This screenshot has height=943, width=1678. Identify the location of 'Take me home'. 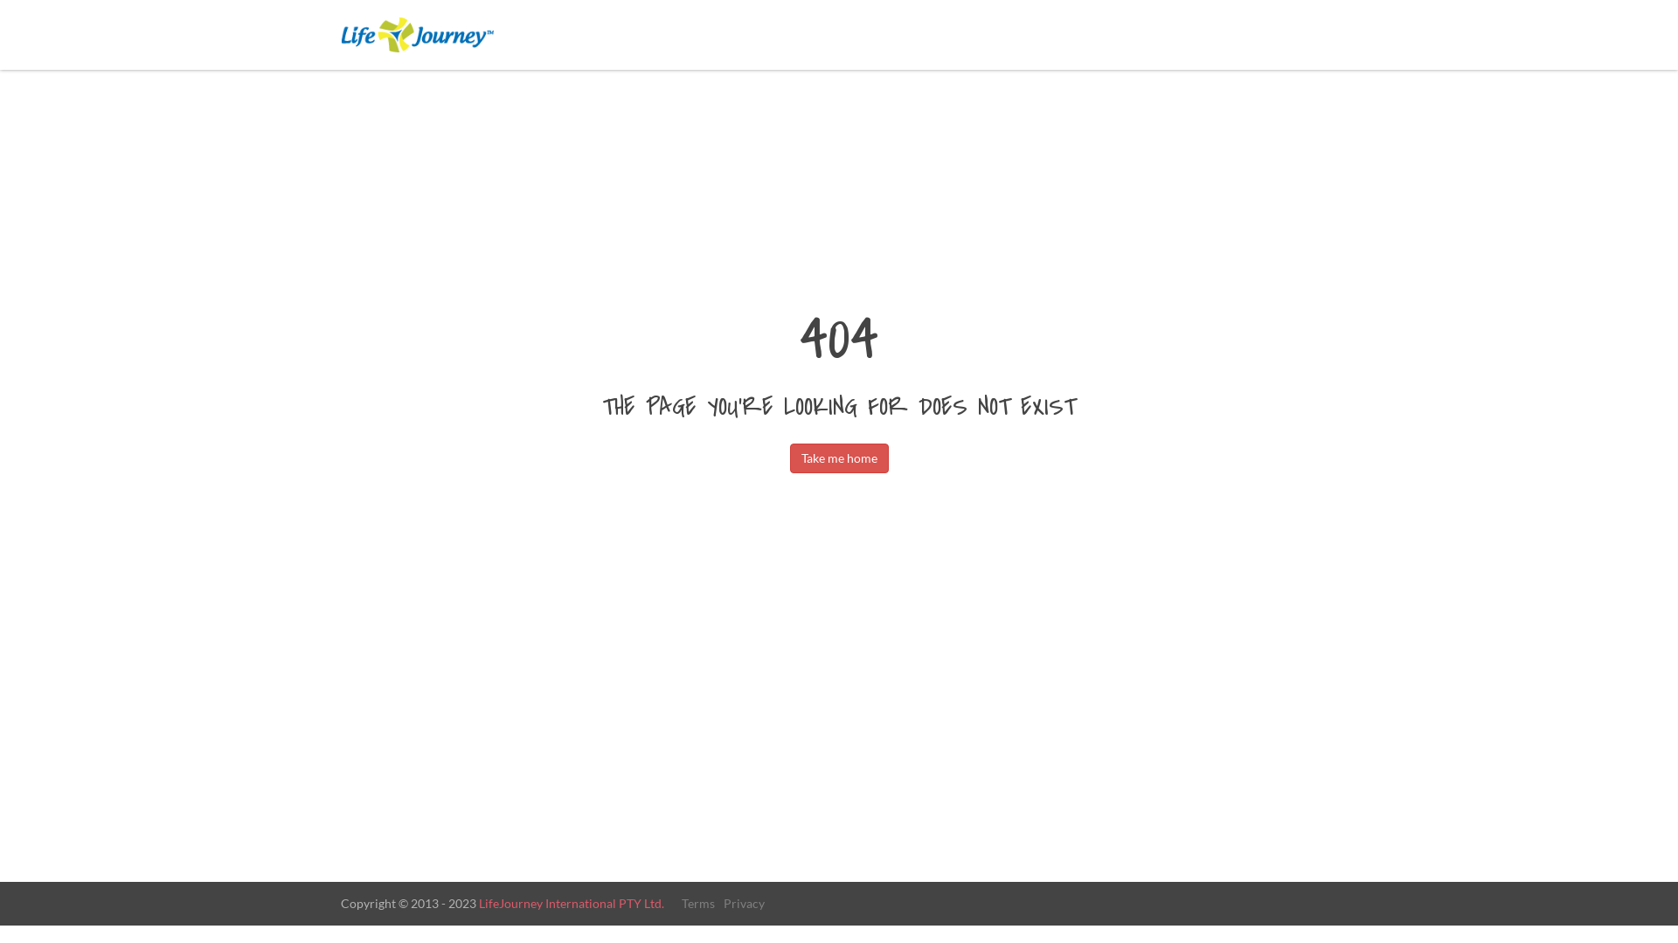
(839, 457).